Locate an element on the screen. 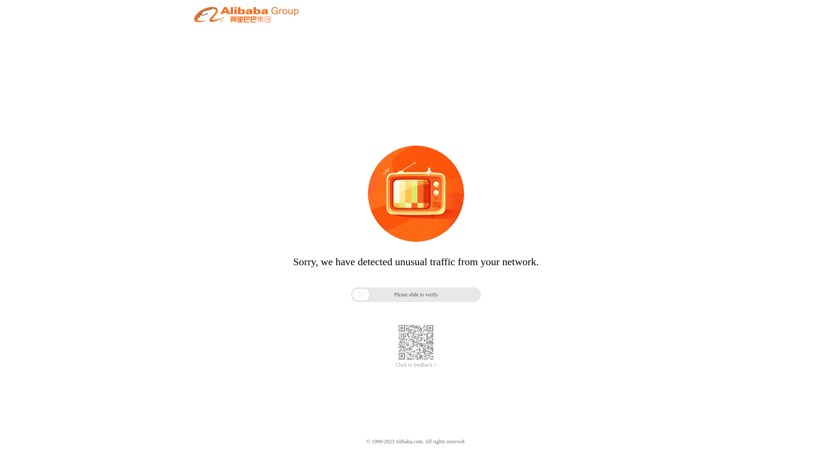 The image size is (832, 468). 'Click to feedback >' is located at coordinates (395, 365).